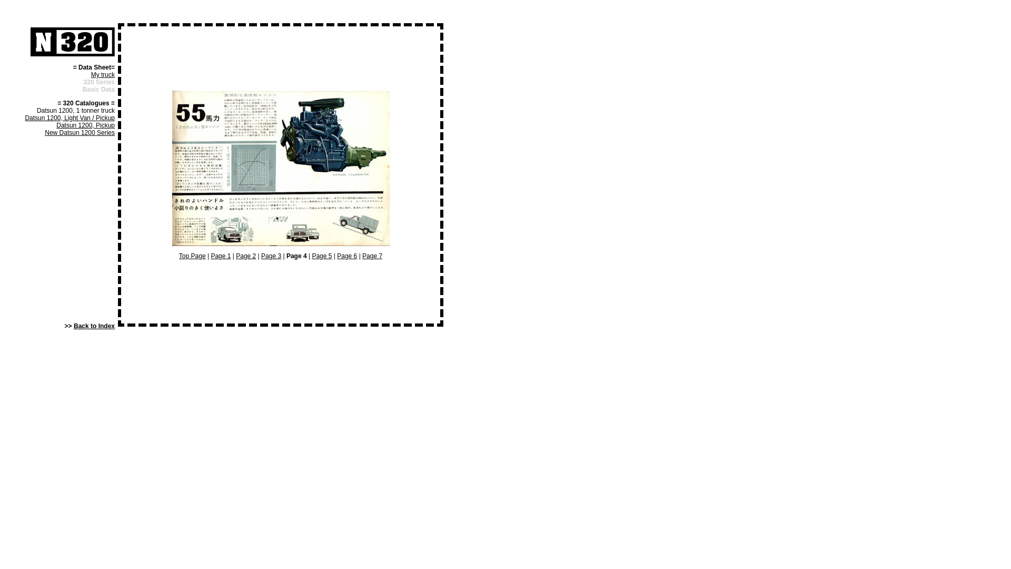 The width and height of the screenshot is (1011, 569). Describe the element at coordinates (271, 256) in the screenshot. I see `'Page 3'` at that location.